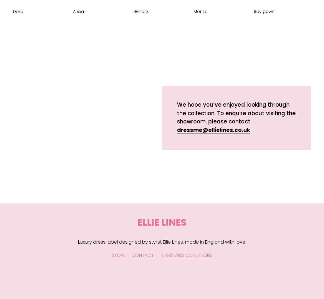  Describe the element at coordinates (162, 242) in the screenshot. I see `'Luxury dress label designed by stylist Ellie Lines, made in England with love.'` at that location.